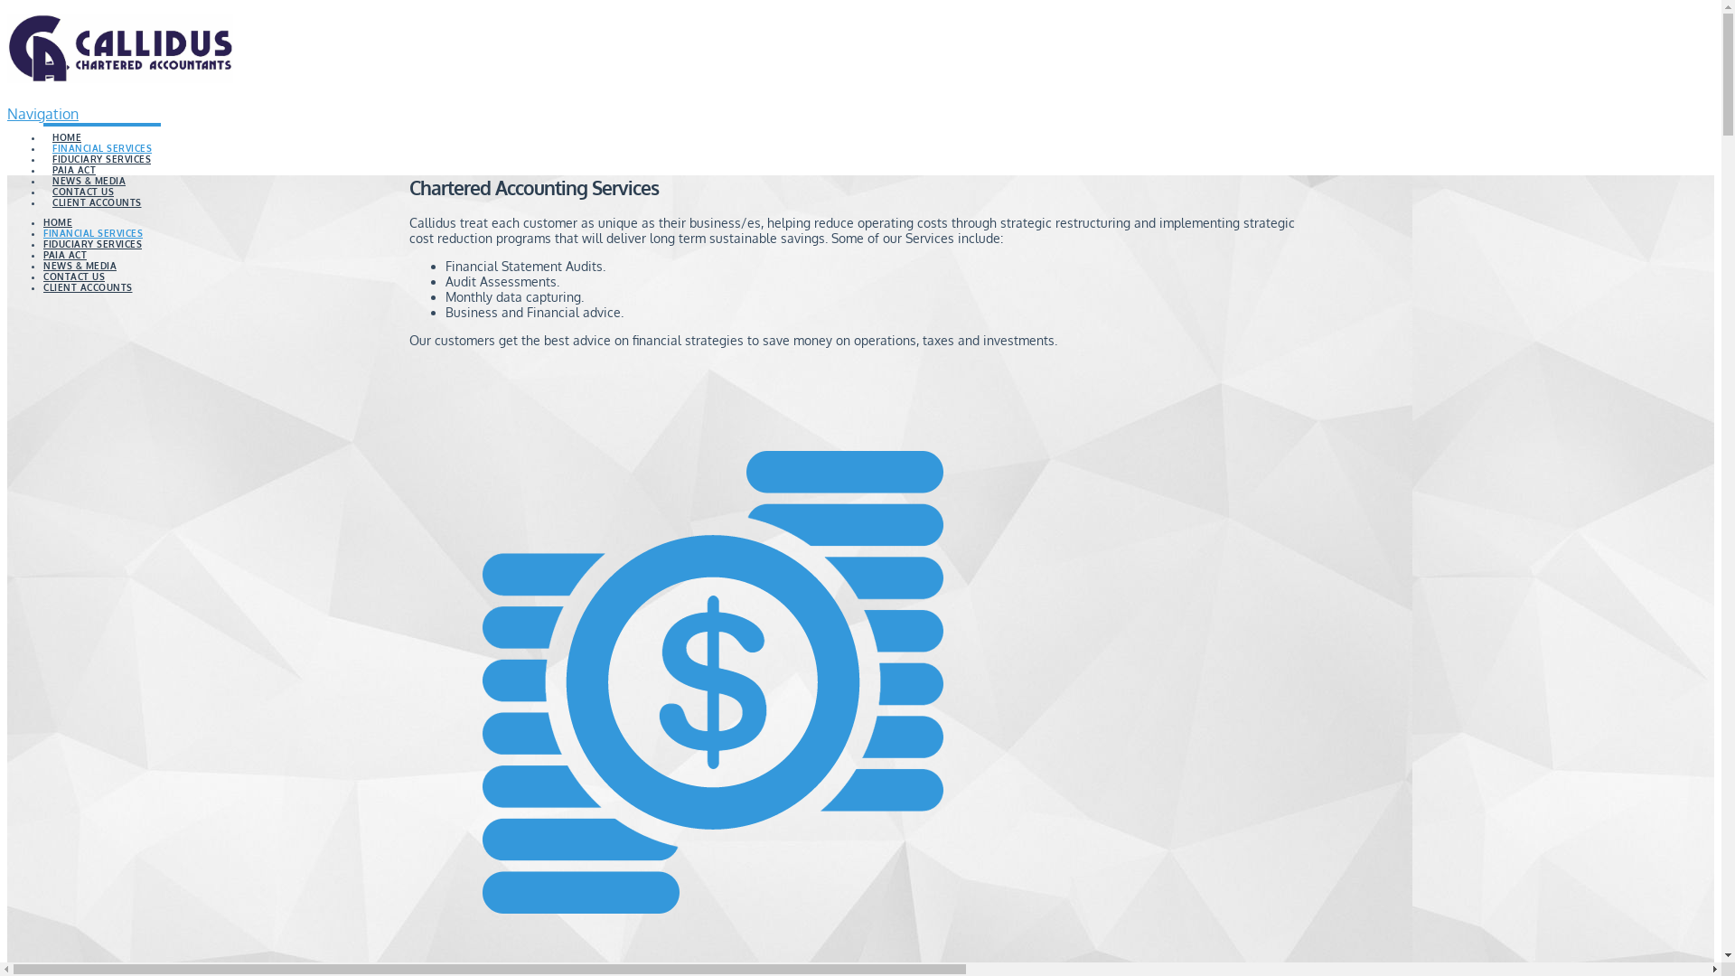 The height and width of the screenshot is (976, 1735). Describe the element at coordinates (72, 159) in the screenshot. I see `'PAIA ACT'` at that location.